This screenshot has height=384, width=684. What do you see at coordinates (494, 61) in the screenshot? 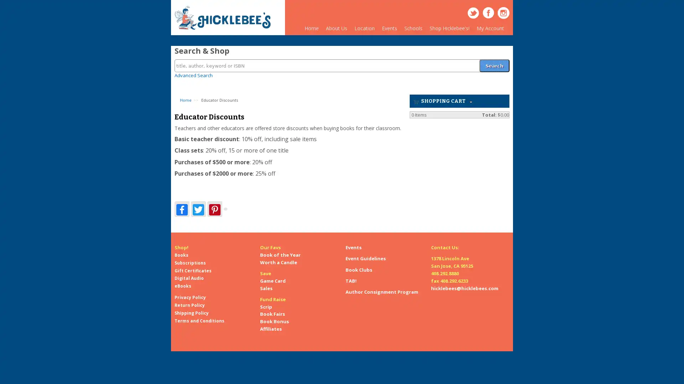
I see `Search` at bounding box center [494, 61].